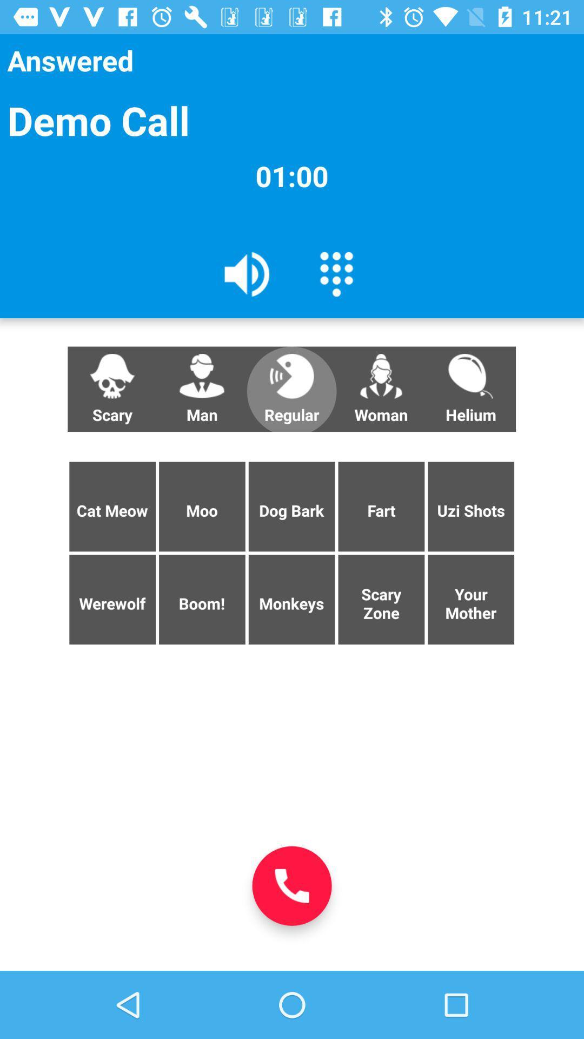 This screenshot has width=584, height=1039. What do you see at coordinates (336, 273) in the screenshot?
I see `button above the regular` at bounding box center [336, 273].